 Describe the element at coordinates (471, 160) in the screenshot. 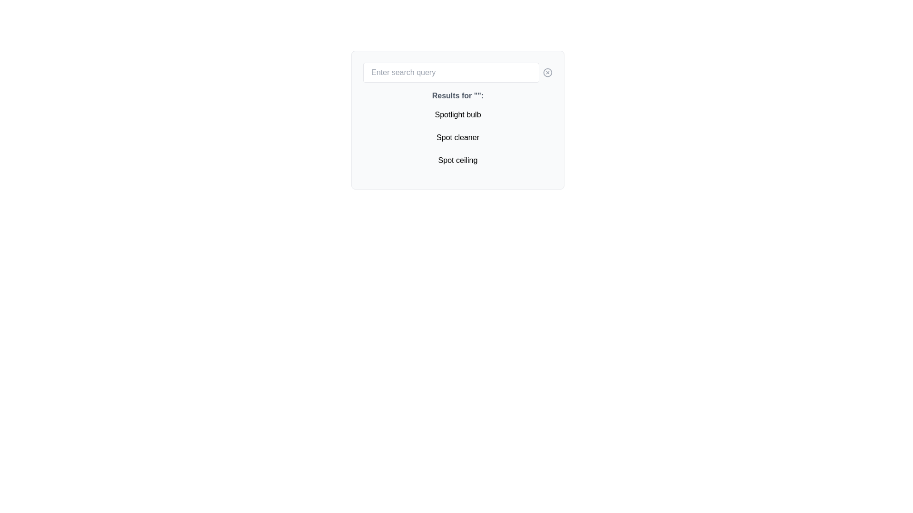

I see `the lowercase letter 'n' in the word 'ceiling' within the third item of the search results dropdown` at that location.